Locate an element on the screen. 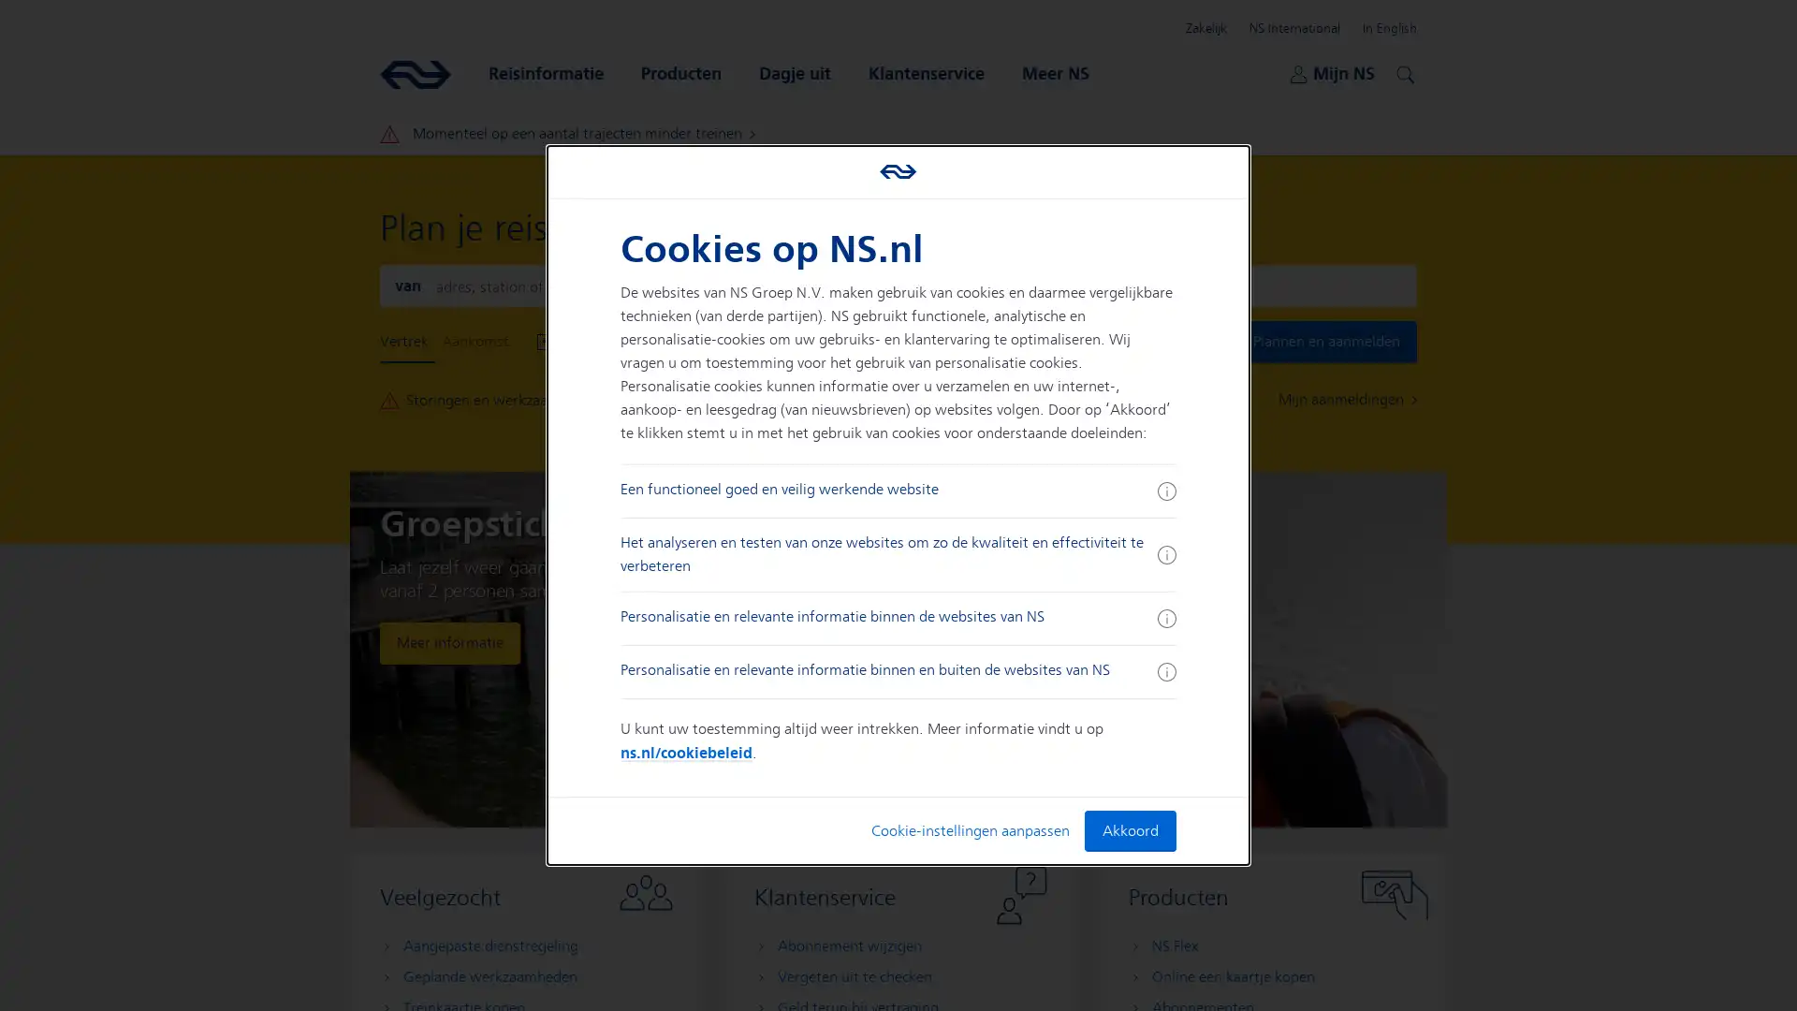 The width and height of the screenshot is (1797, 1011). Meer NS Open submenu is located at coordinates (1056, 72).